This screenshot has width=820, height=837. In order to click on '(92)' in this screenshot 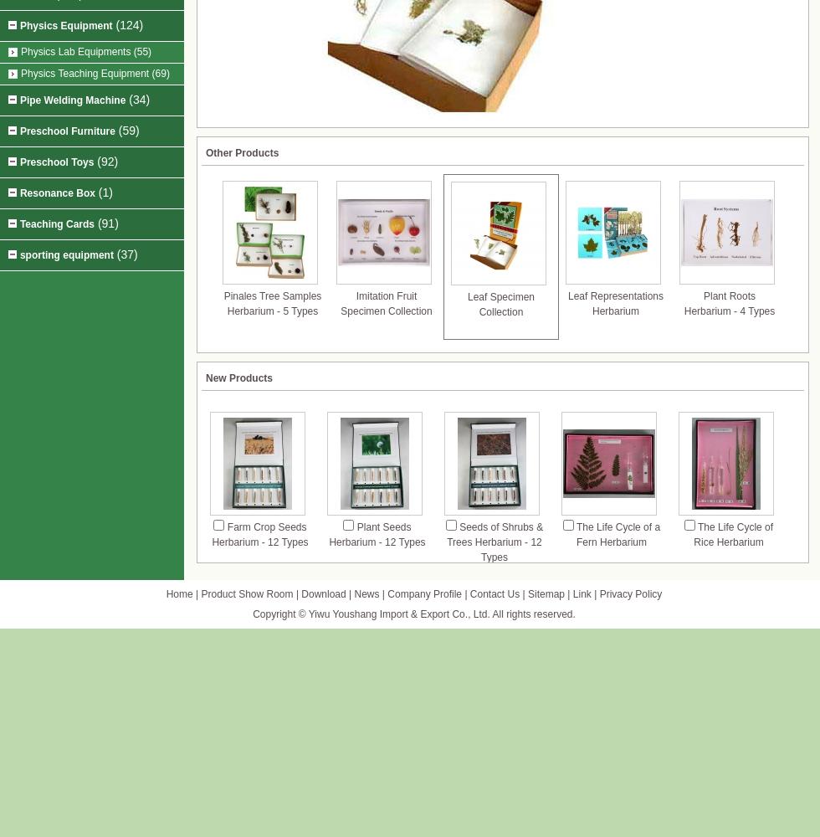, I will do `click(105, 161)`.